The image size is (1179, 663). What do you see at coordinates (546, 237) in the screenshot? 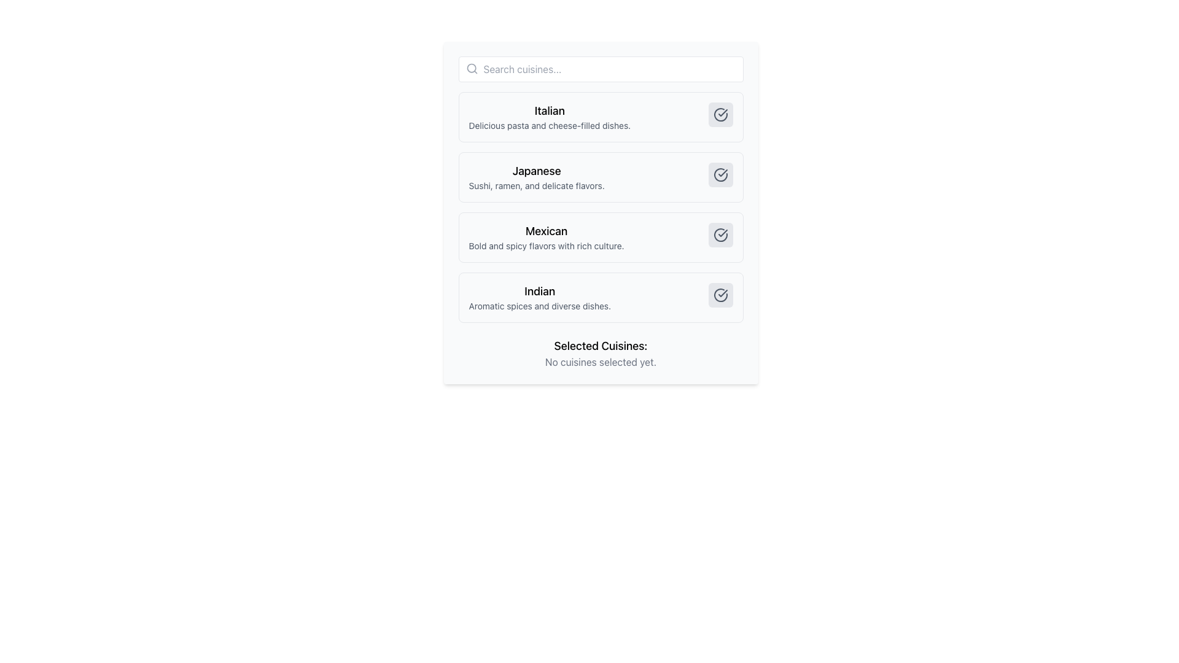
I see `text displayed in the 'Mexican' cuisine text display located centrally within the third rectangular card in the vertical list, positioned between the 'Japanese' and 'Indian' cards` at bounding box center [546, 237].